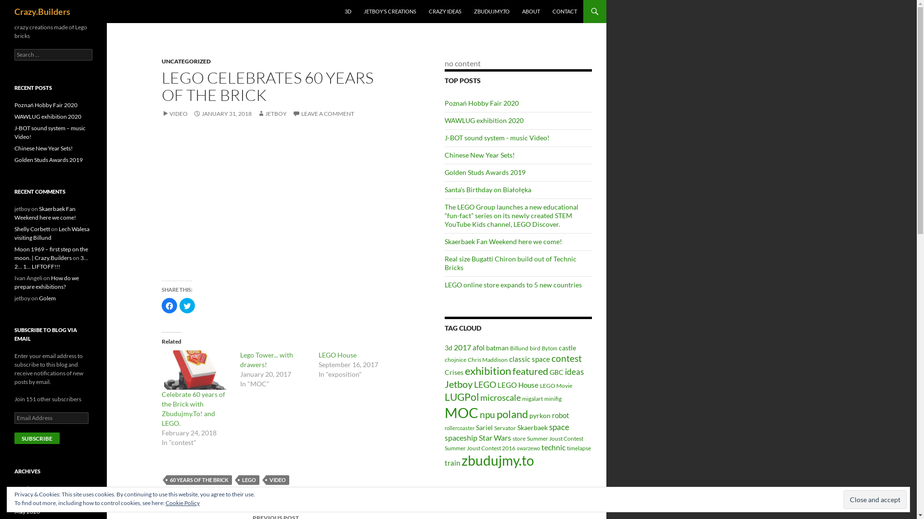  What do you see at coordinates (43, 148) in the screenshot?
I see `'Chinese New Year Sets!'` at bounding box center [43, 148].